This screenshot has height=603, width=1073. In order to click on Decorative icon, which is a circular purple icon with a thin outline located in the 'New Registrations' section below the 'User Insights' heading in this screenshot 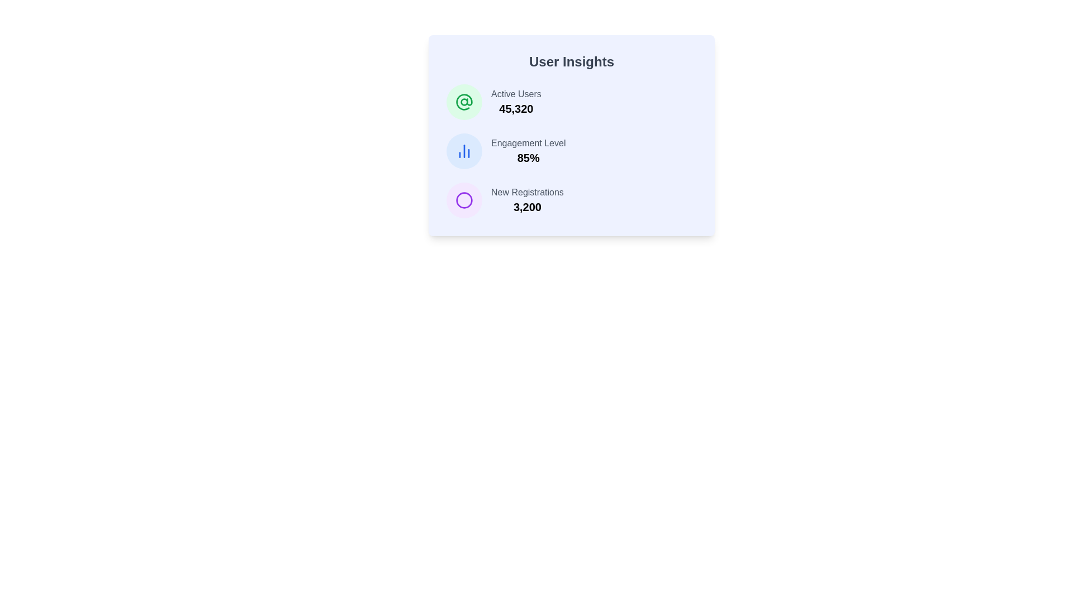, I will do `click(464, 199)`.